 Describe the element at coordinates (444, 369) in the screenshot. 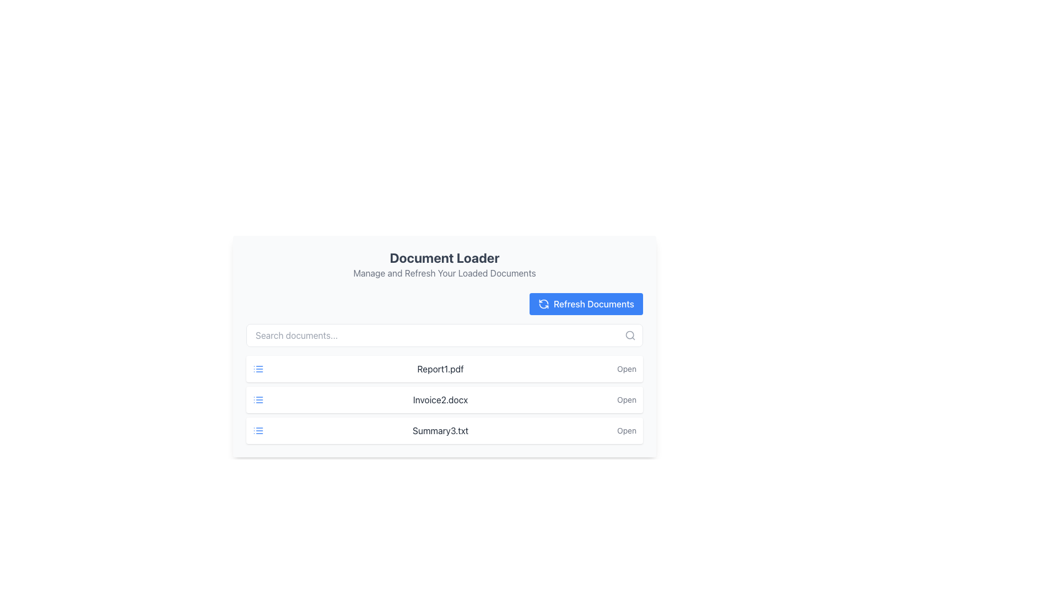

I see `the list item presenting the document 'Report1.pdf' with the 'Open' action in the 'Document Loader' section` at that location.